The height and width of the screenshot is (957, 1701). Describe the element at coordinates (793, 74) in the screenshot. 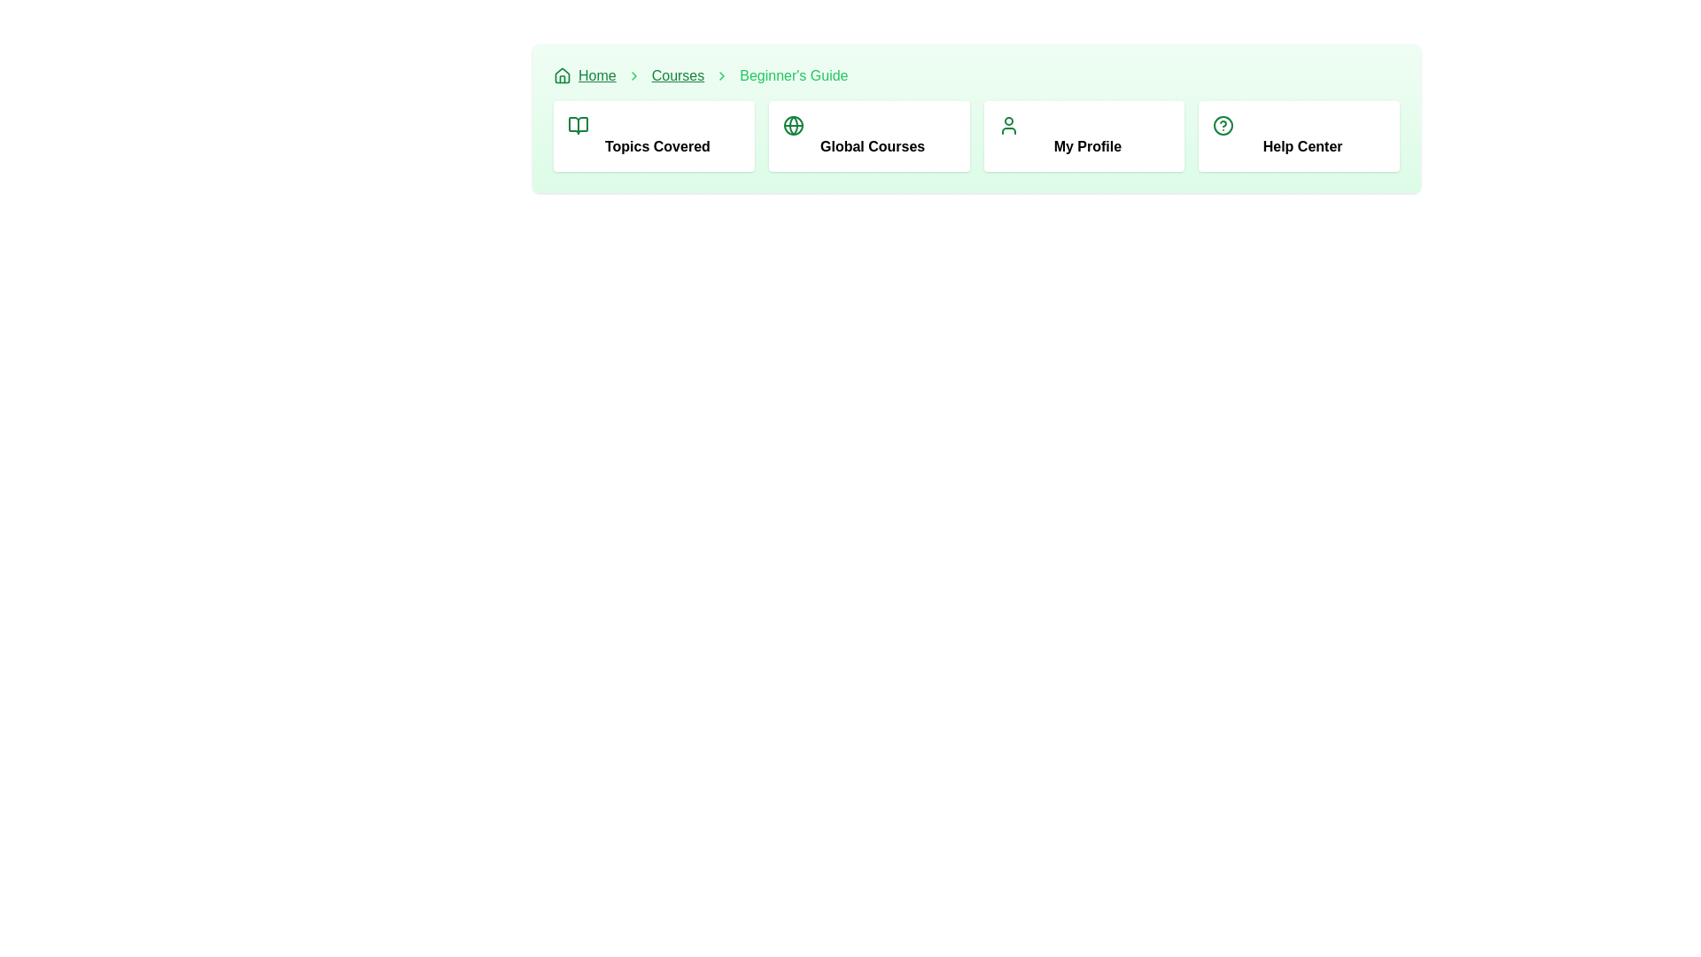

I see `the third element in the breadcrumb navigation bar, which indicates the current page or context, following the 'Courses' label and a right-facing chevron icon` at that location.